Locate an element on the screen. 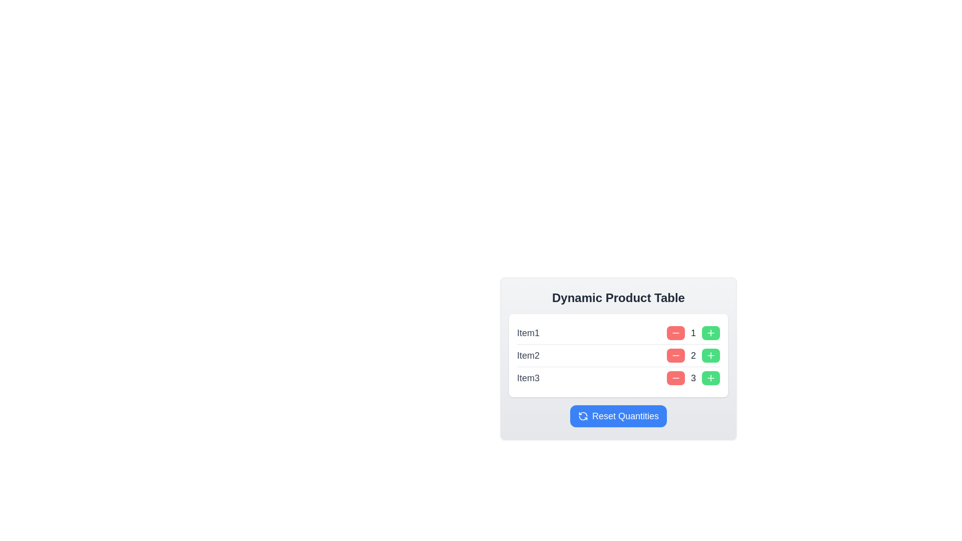 The width and height of the screenshot is (962, 541). the label identifying the item in the top row of the 'Dynamic Product Table' is located at coordinates (528, 333).